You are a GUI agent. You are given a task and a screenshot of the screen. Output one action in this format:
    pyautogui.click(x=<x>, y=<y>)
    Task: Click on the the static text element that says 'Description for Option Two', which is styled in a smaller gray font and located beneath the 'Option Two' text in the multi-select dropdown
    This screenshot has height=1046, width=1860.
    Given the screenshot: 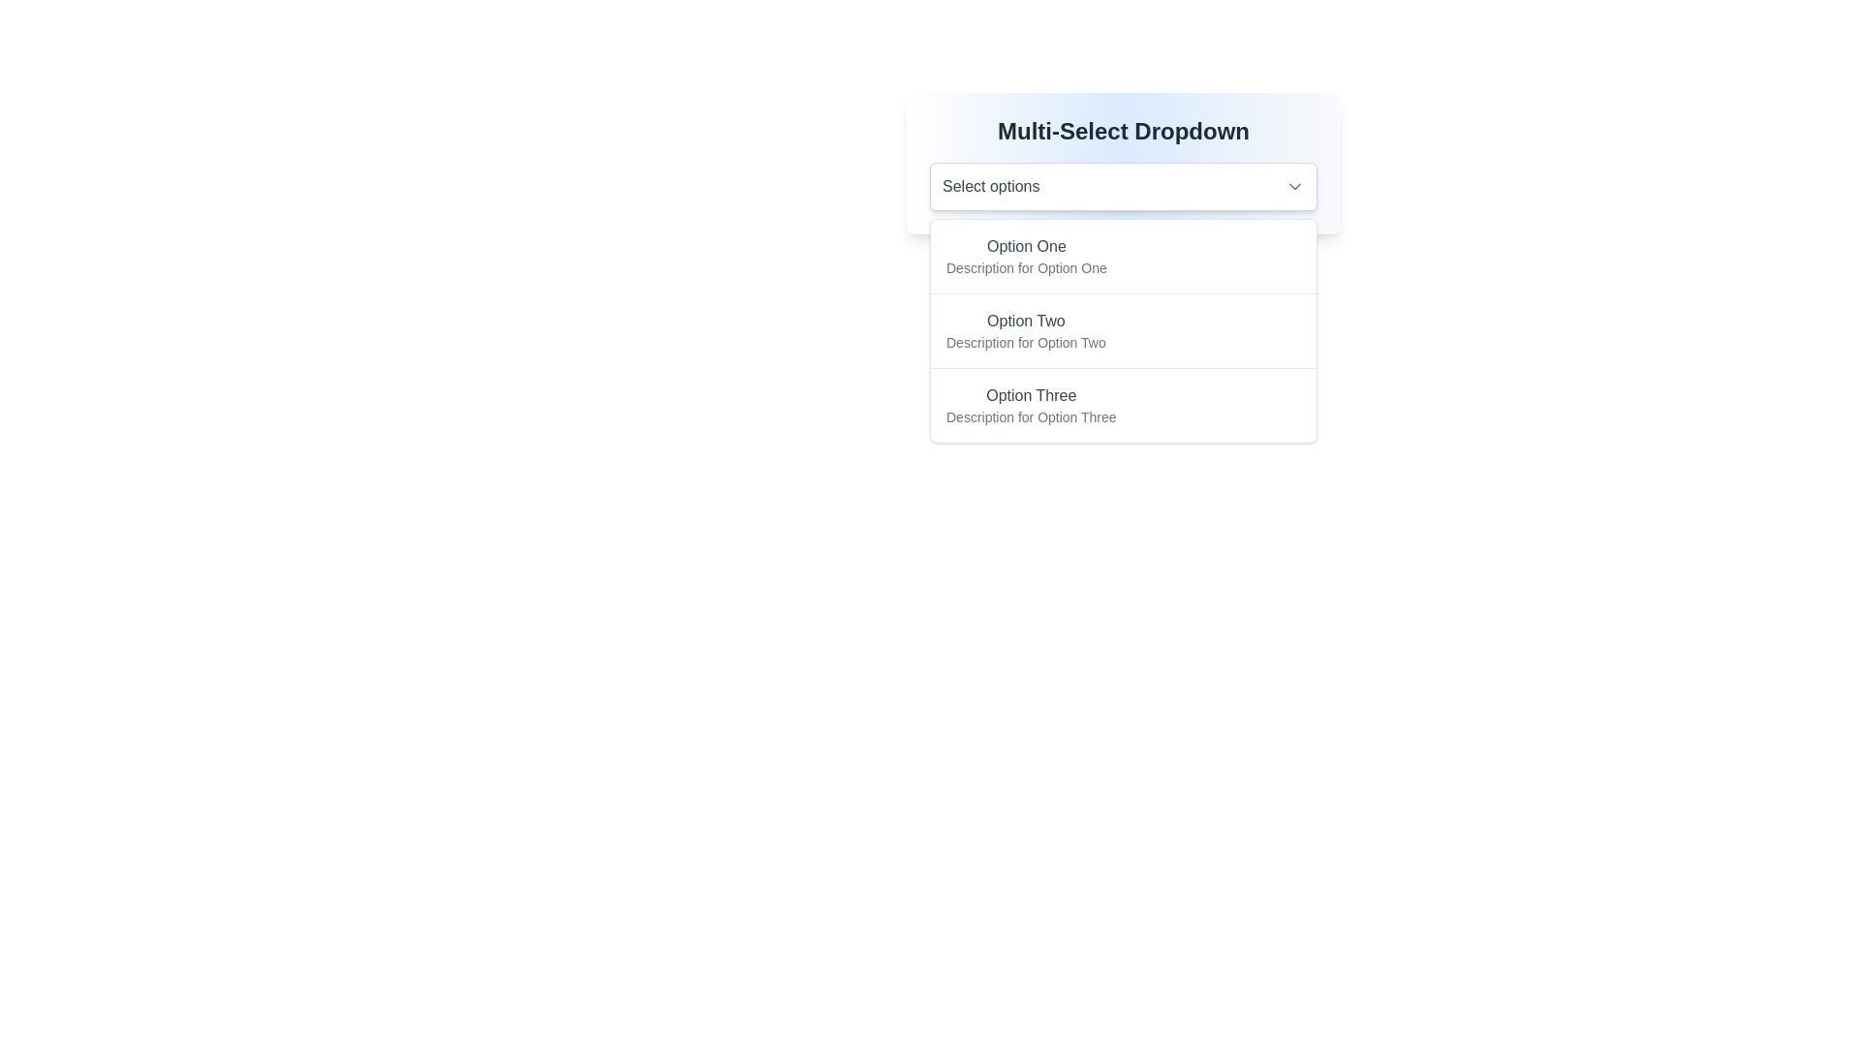 What is the action you would take?
    pyautogui.click(x=1025, y=342)
    